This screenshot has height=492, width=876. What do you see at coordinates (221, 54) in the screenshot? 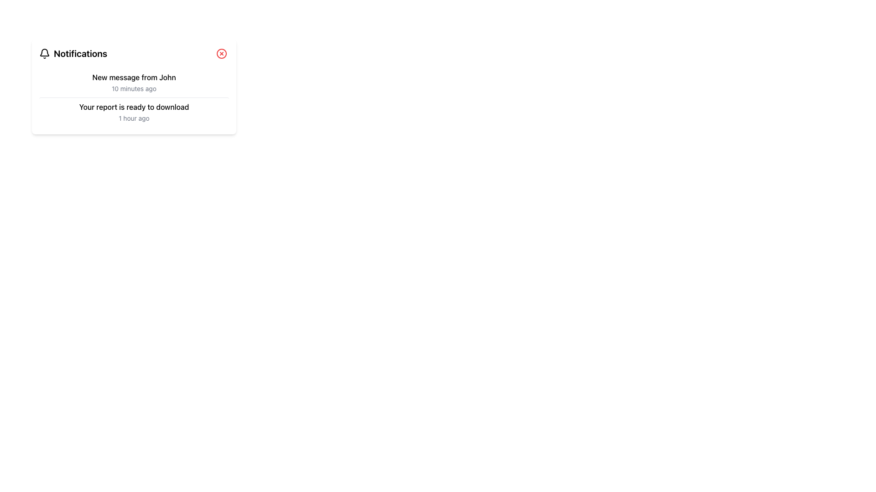
I see `the close button located in the top-right corner of the 'Notifications' section to observe any hover effects` at bounding box center [221, 54].